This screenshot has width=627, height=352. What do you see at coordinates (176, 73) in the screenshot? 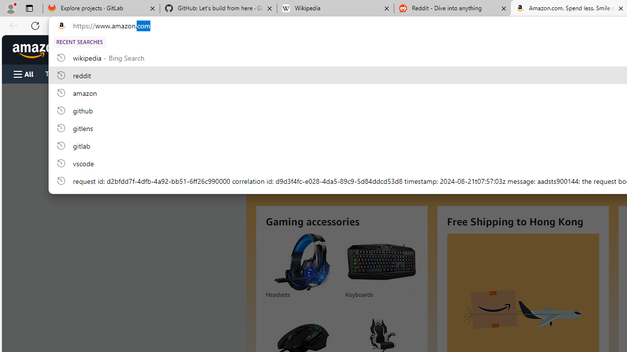
I see `'Registry'` at bounding box center [176, 73].